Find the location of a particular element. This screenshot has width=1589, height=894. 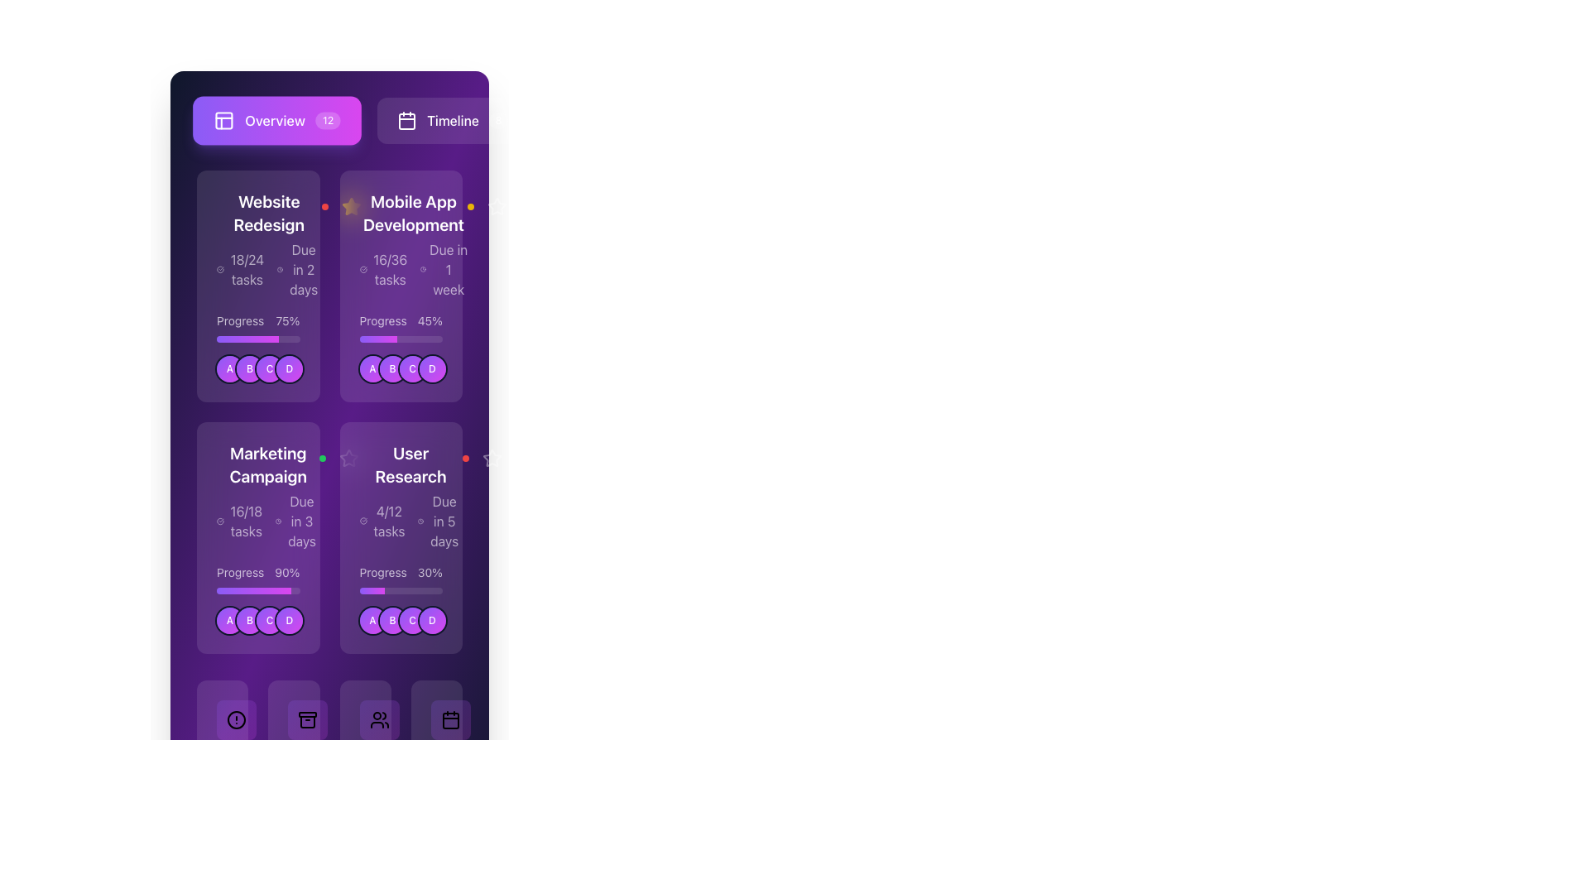

the 'Timeline' button with a numeric badge displaying '8' is located at coordinates (453, 120).